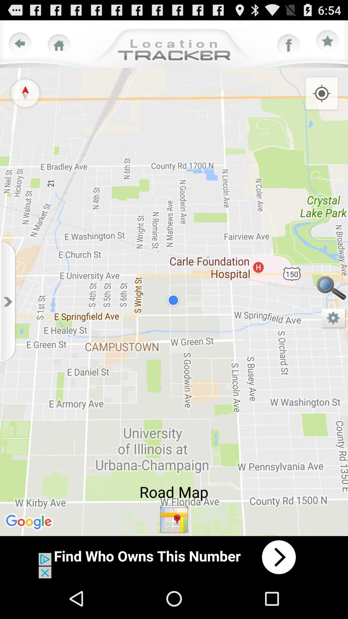 This screenshot has width=348, height=619. Describe the element at coordinates (328, 41) in the screenshot. I see `option` at that location.